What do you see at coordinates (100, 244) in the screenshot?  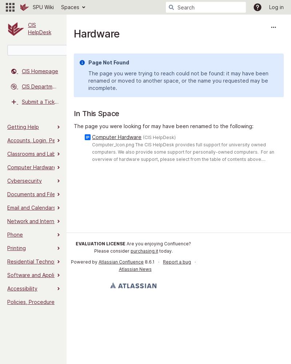 I see `'EVALUATION LICENSE'` at bounding box center [100, 244].